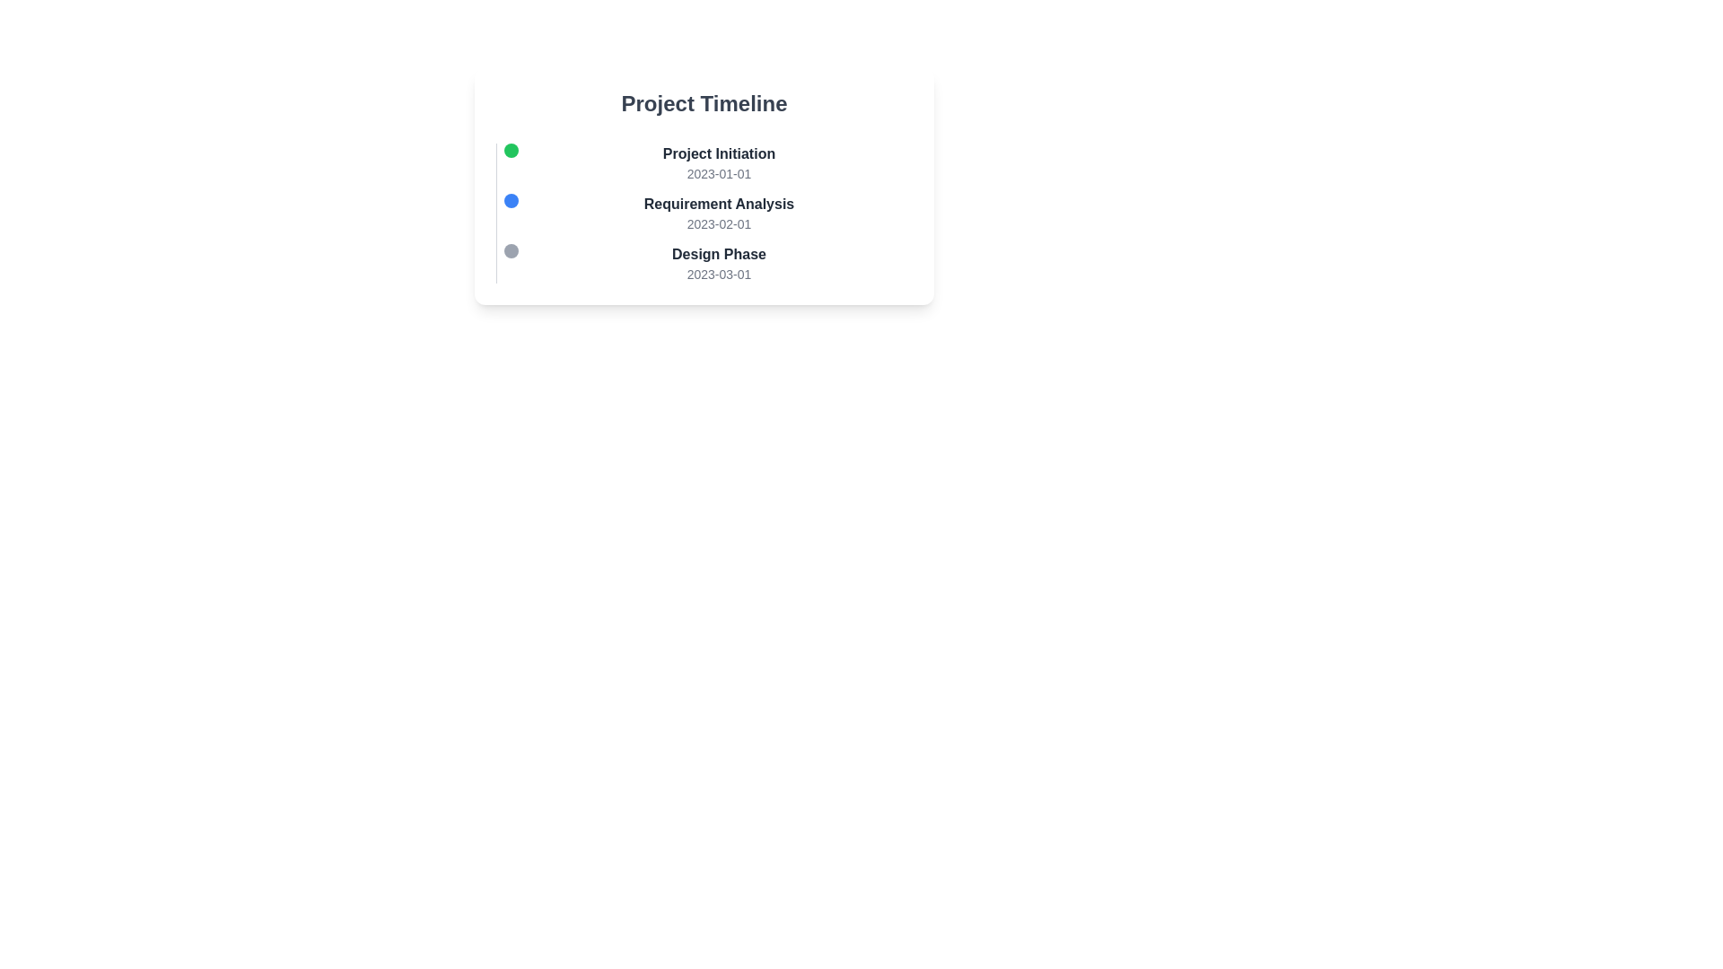 This screenshot has width=1723, height=969. I want to click on the Circle marker that serves as a visual marker for the 'Design Phase' entry in the project timeline, located to the left of the text 'Design Phase' and the date '2023-03-01', so click(511, 251).